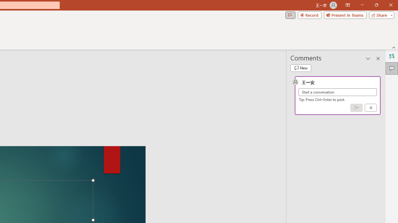 This screenshot has width=398, height=223. What do you see at coordinates (301, 68) in the screenshot?
I see `'New comment'` at bounding box center [301, 68].